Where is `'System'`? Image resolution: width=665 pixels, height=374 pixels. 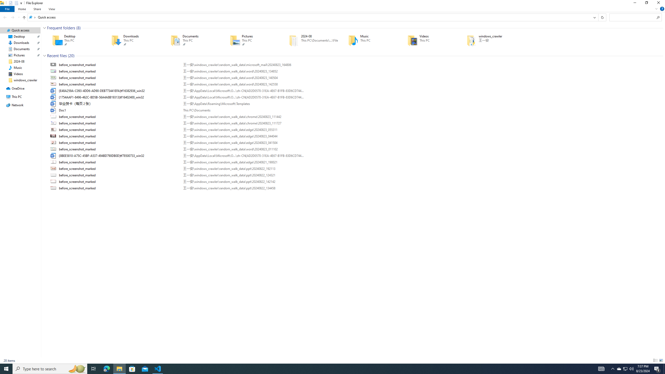 'System' is located at coordinates (3, 2).